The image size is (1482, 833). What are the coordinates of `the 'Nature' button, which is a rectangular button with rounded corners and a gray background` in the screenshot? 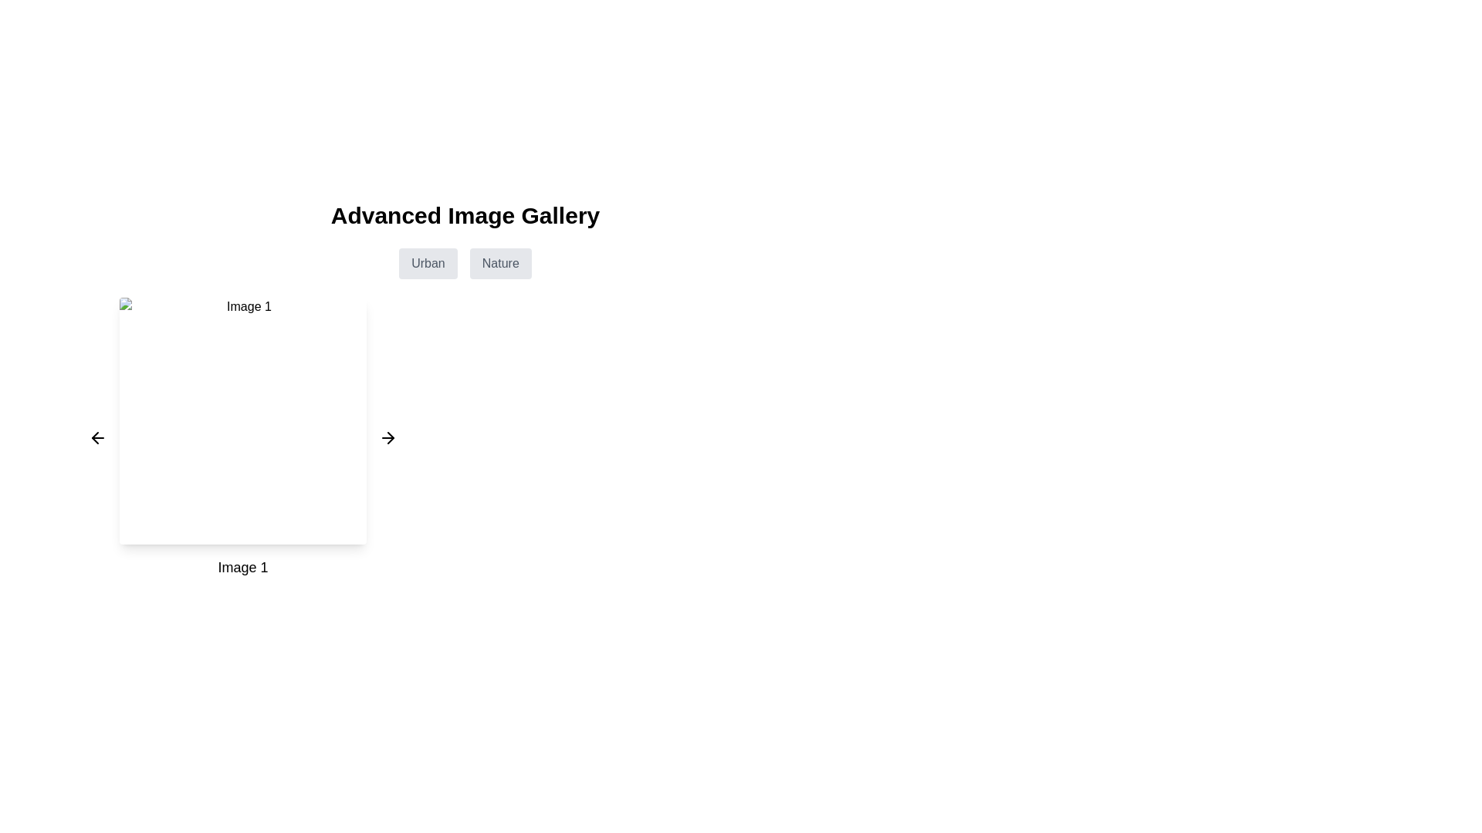 It's located at (500, 263).